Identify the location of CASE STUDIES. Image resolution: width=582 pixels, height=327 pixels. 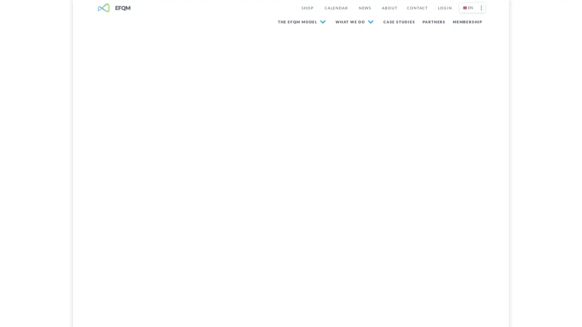
(398, 21).